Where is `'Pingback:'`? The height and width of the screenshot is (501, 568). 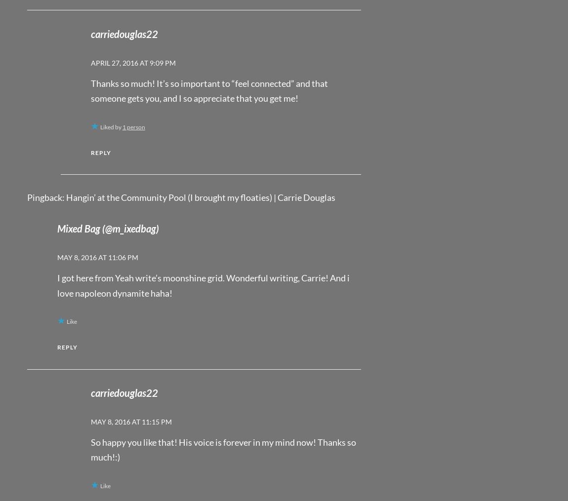 'Pingback:' is located at coordinates (46, 196).